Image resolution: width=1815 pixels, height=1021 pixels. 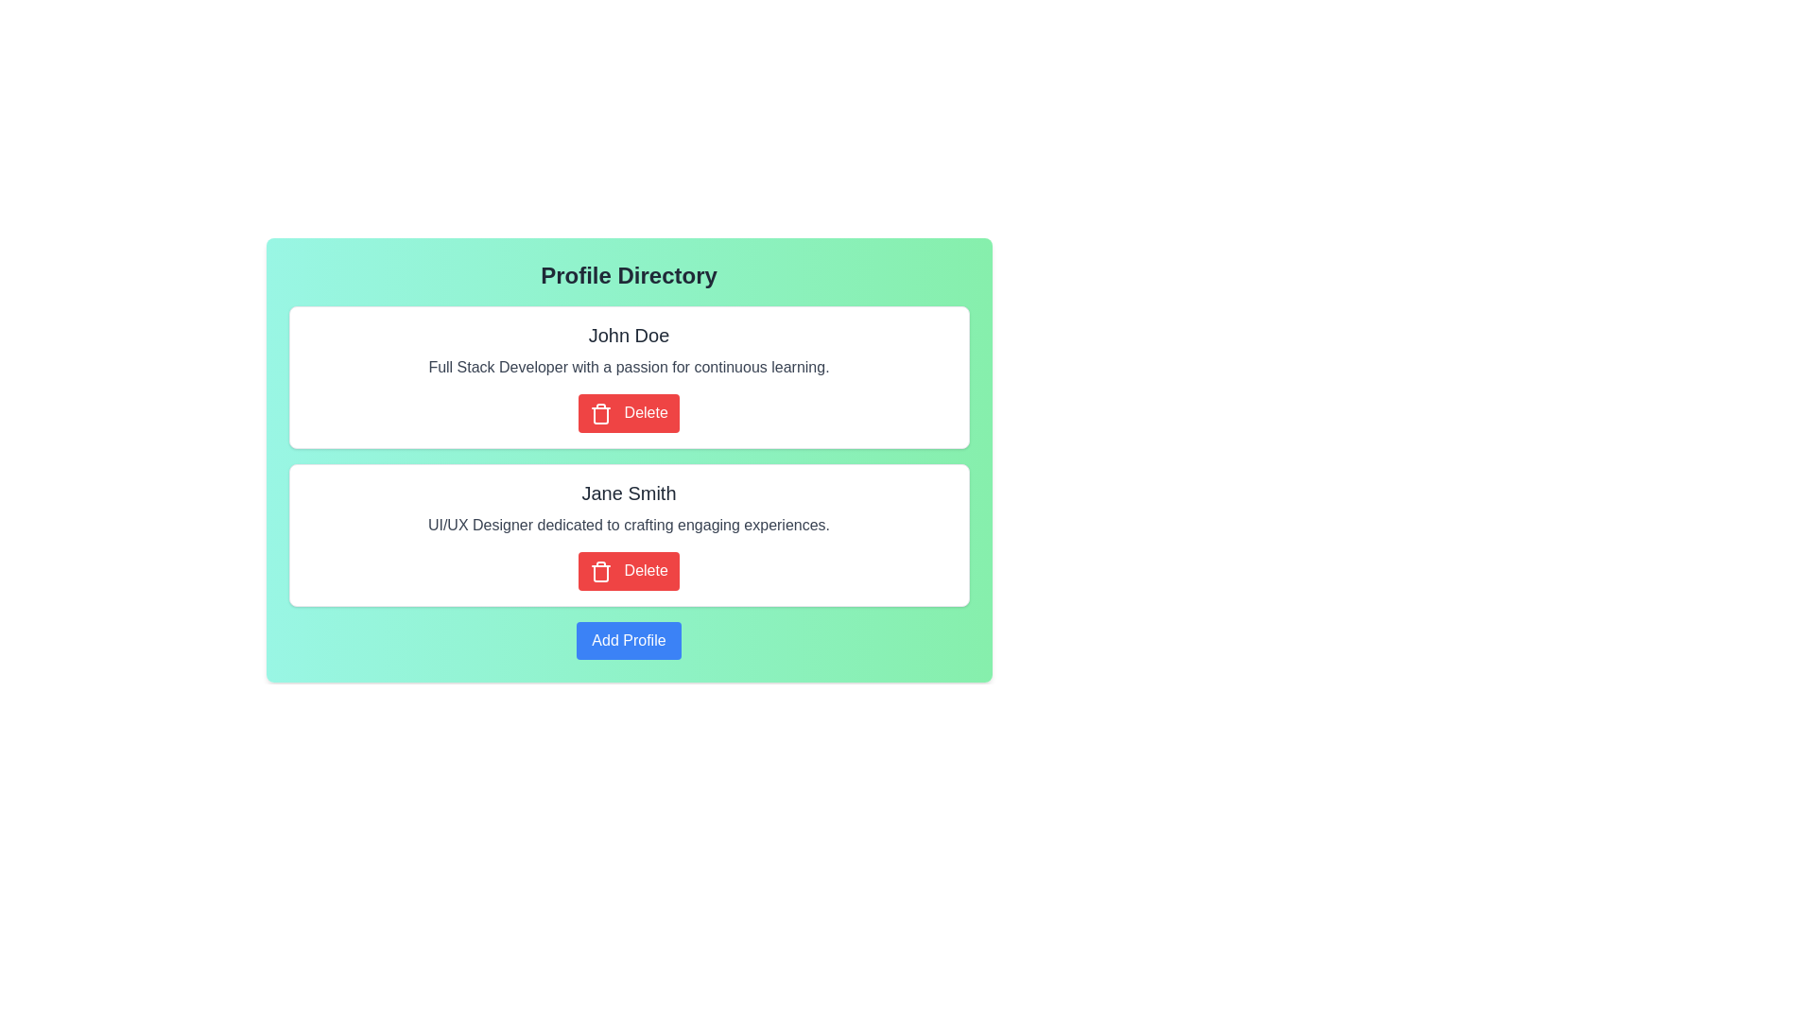 I want to click on the red 'Delete' button with a trash can icon located at the bottom-right of the profile card for 'John Doe', so click(x=629, y=412).